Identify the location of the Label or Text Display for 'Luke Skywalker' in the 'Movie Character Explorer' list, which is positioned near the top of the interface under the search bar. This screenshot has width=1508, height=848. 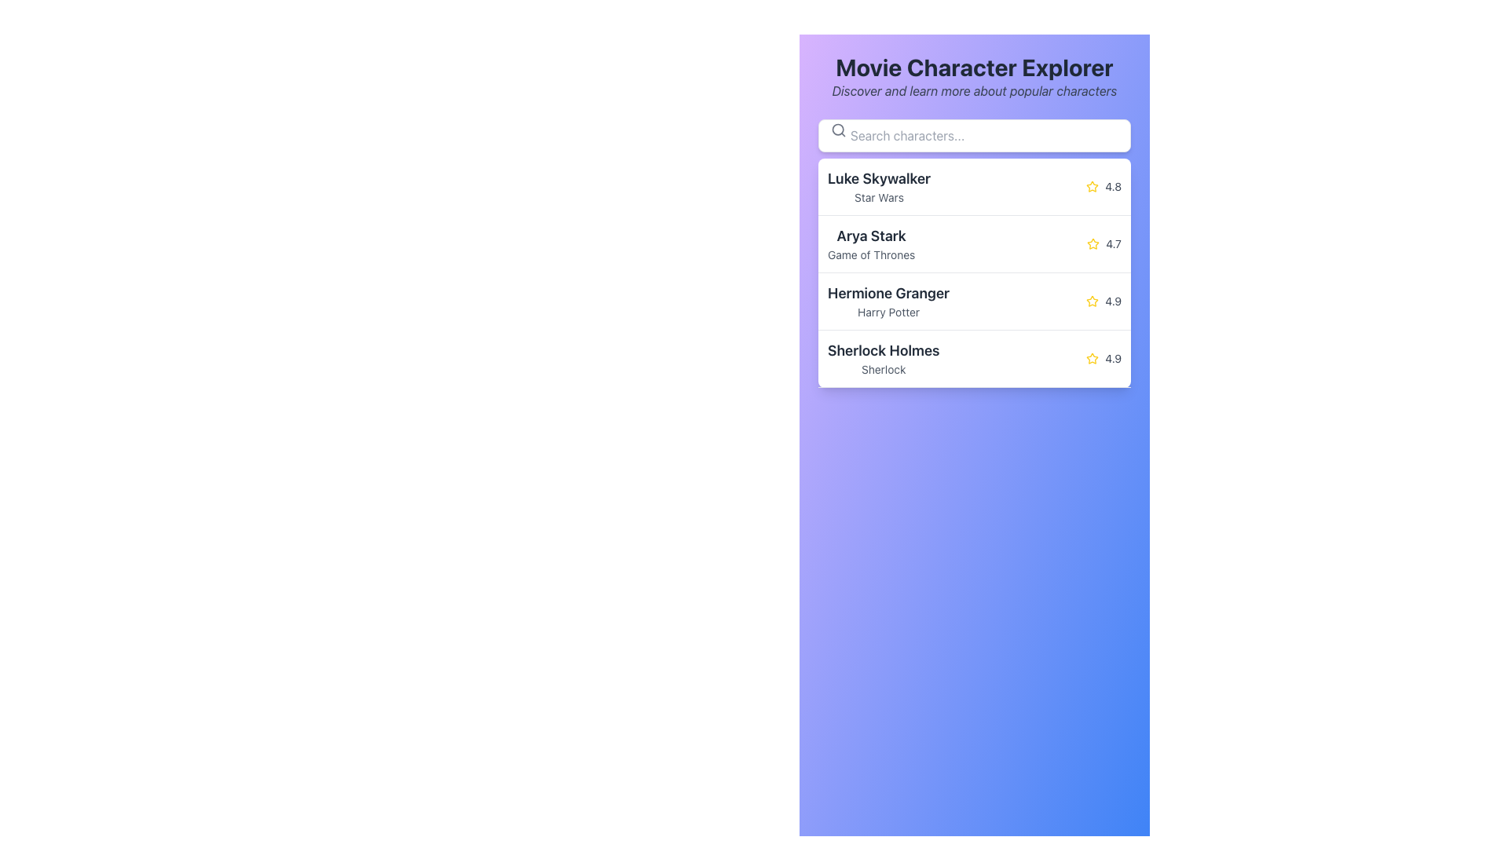
(878, 186).